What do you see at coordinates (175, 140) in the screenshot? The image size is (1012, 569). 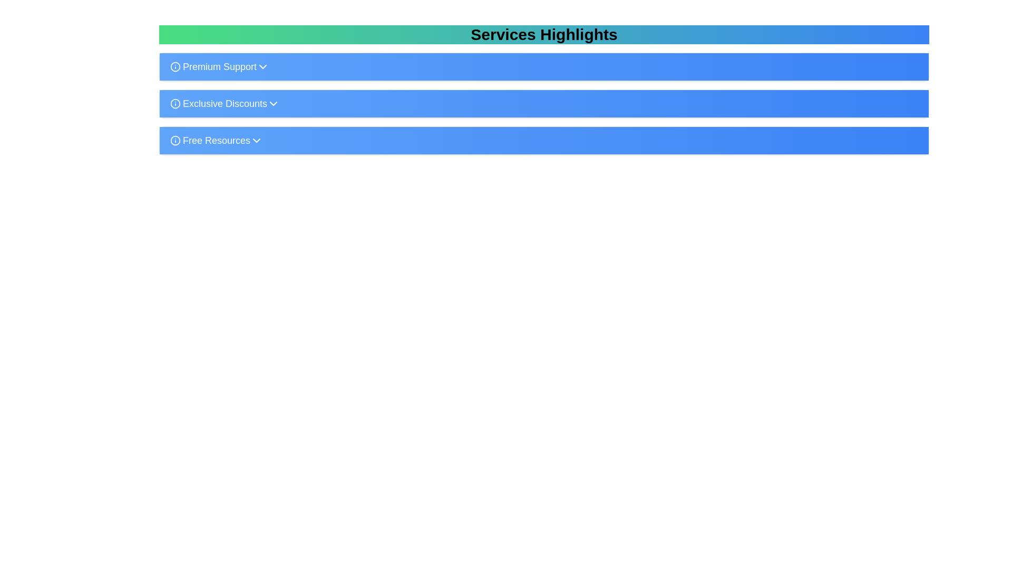 I see `the informational icon located to the left of the 'Free Resources' text, which provides additional context or help about that section` at bounding box center [175, 140].